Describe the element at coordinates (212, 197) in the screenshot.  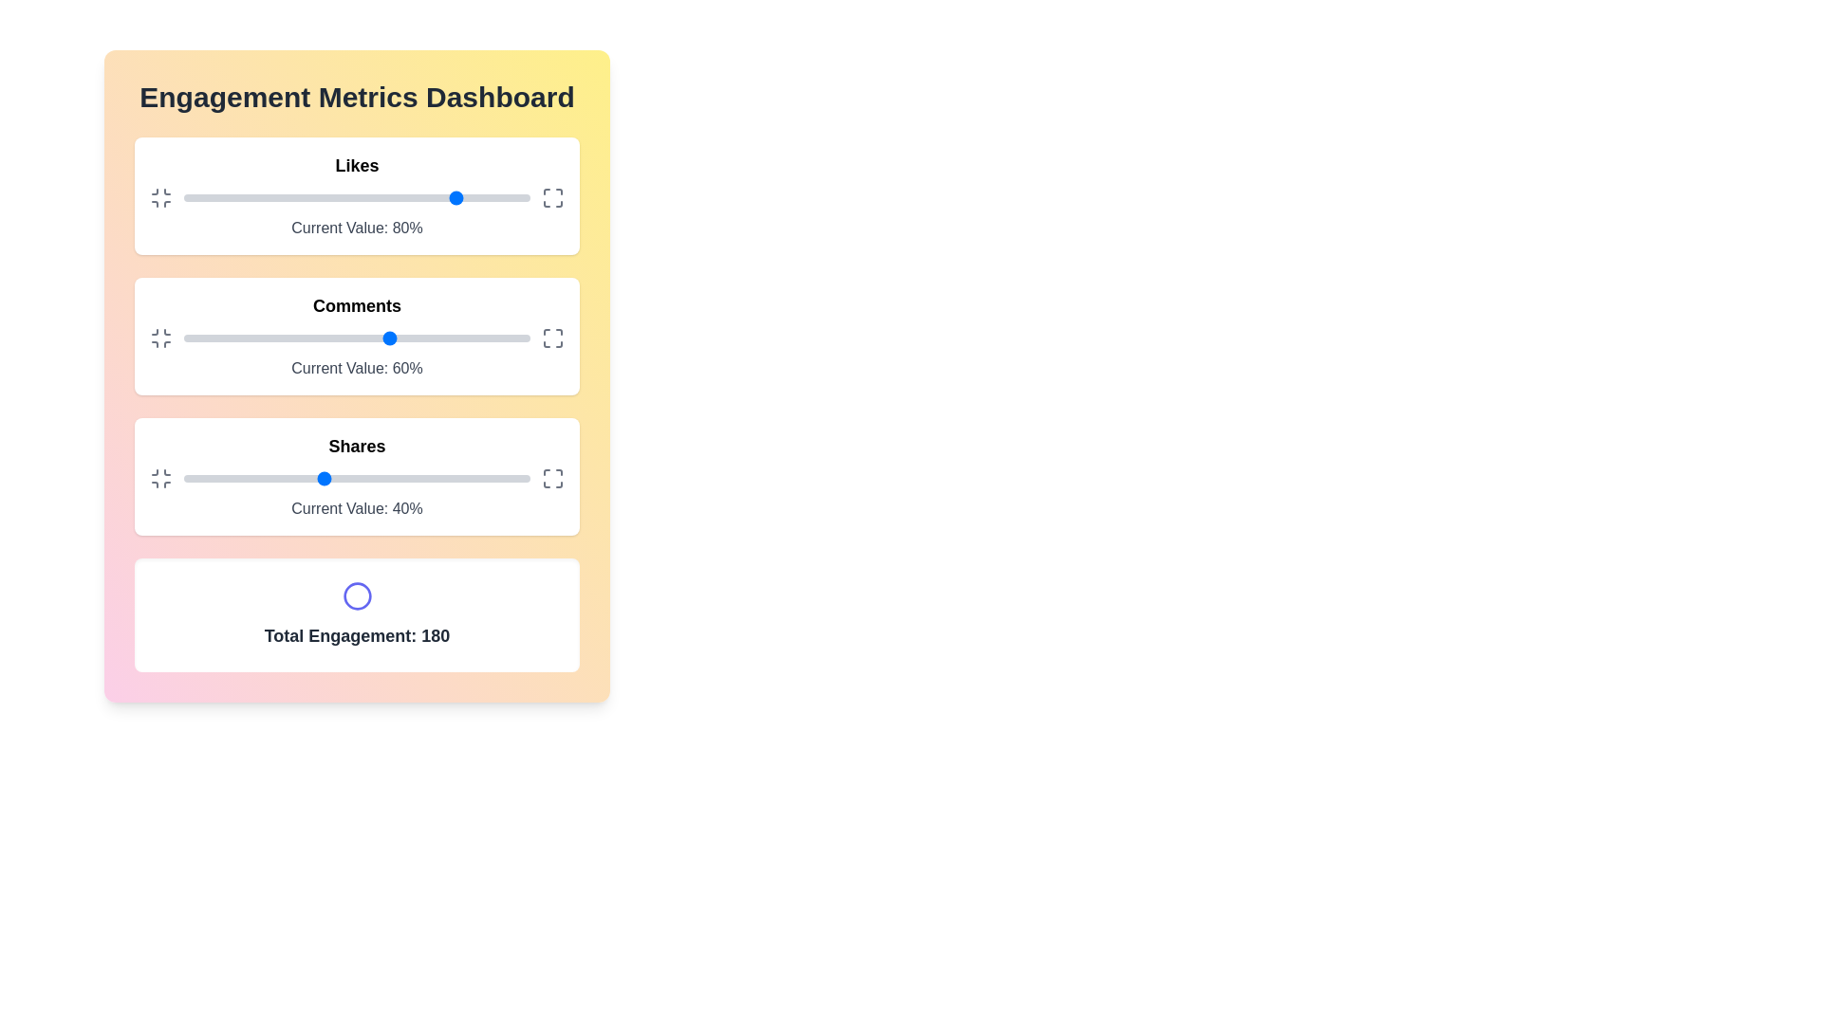
I see `the likes slider` at that location.